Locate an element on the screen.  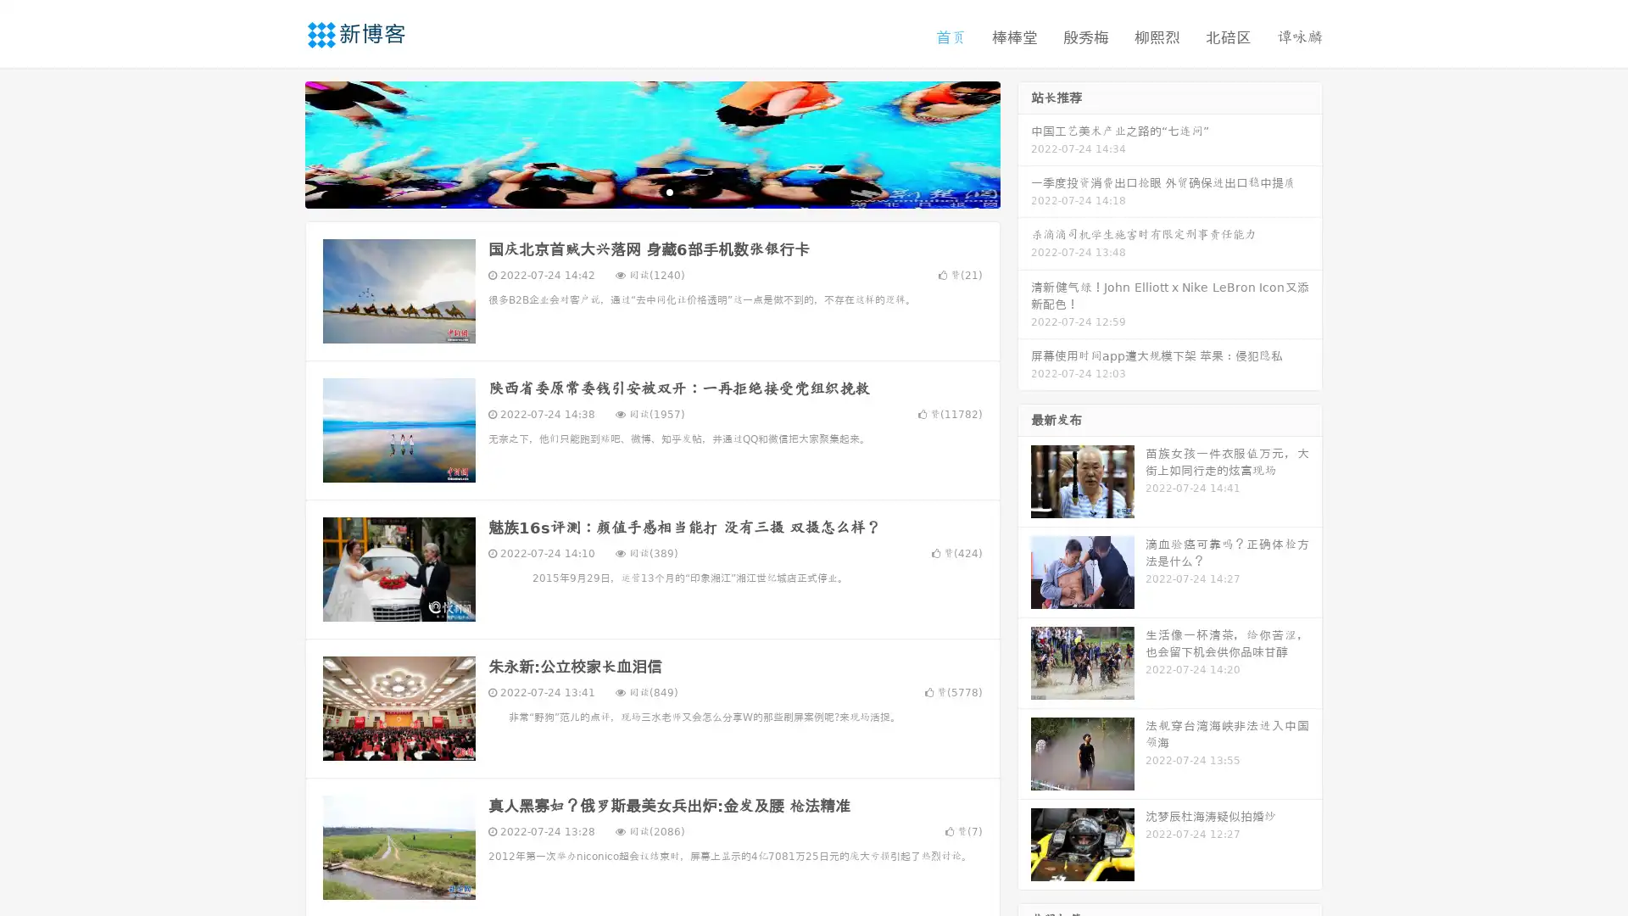
Go to slide 1 is located at coordinates (634, 191).